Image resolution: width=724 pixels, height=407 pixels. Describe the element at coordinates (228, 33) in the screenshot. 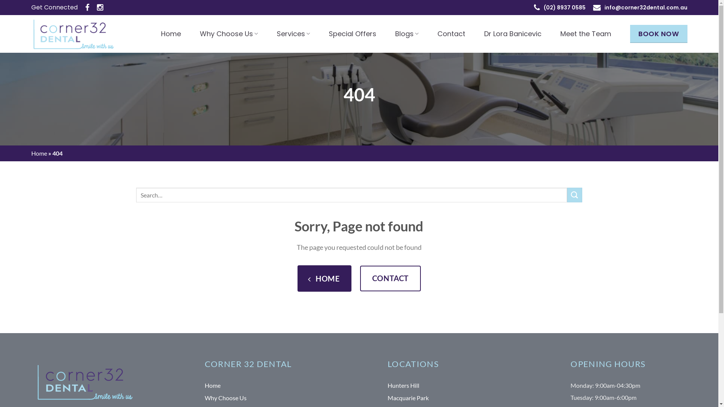

I see `'Why Choose Us'` at that location.